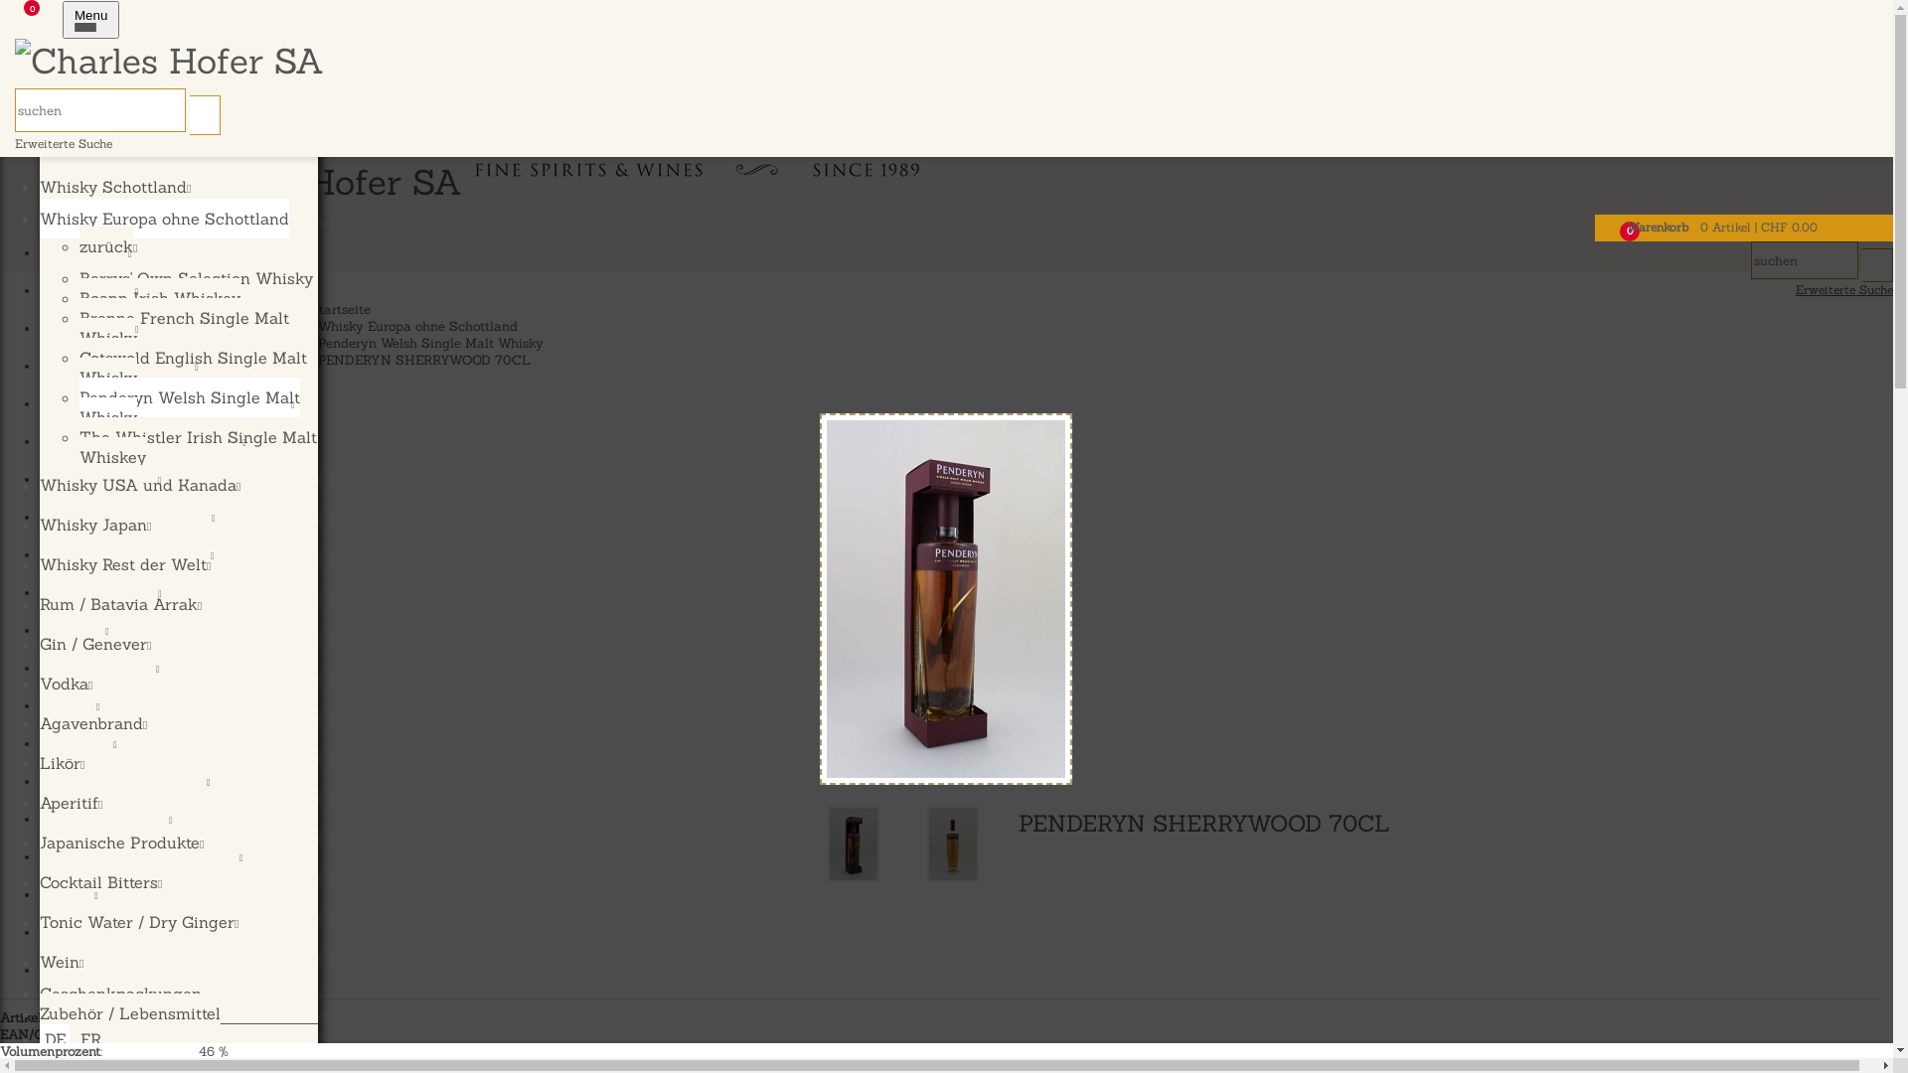  What do you see at coordinates (340, 309) in the screenshot?
I see `'Startseite'` at bounding box center [340, 309].